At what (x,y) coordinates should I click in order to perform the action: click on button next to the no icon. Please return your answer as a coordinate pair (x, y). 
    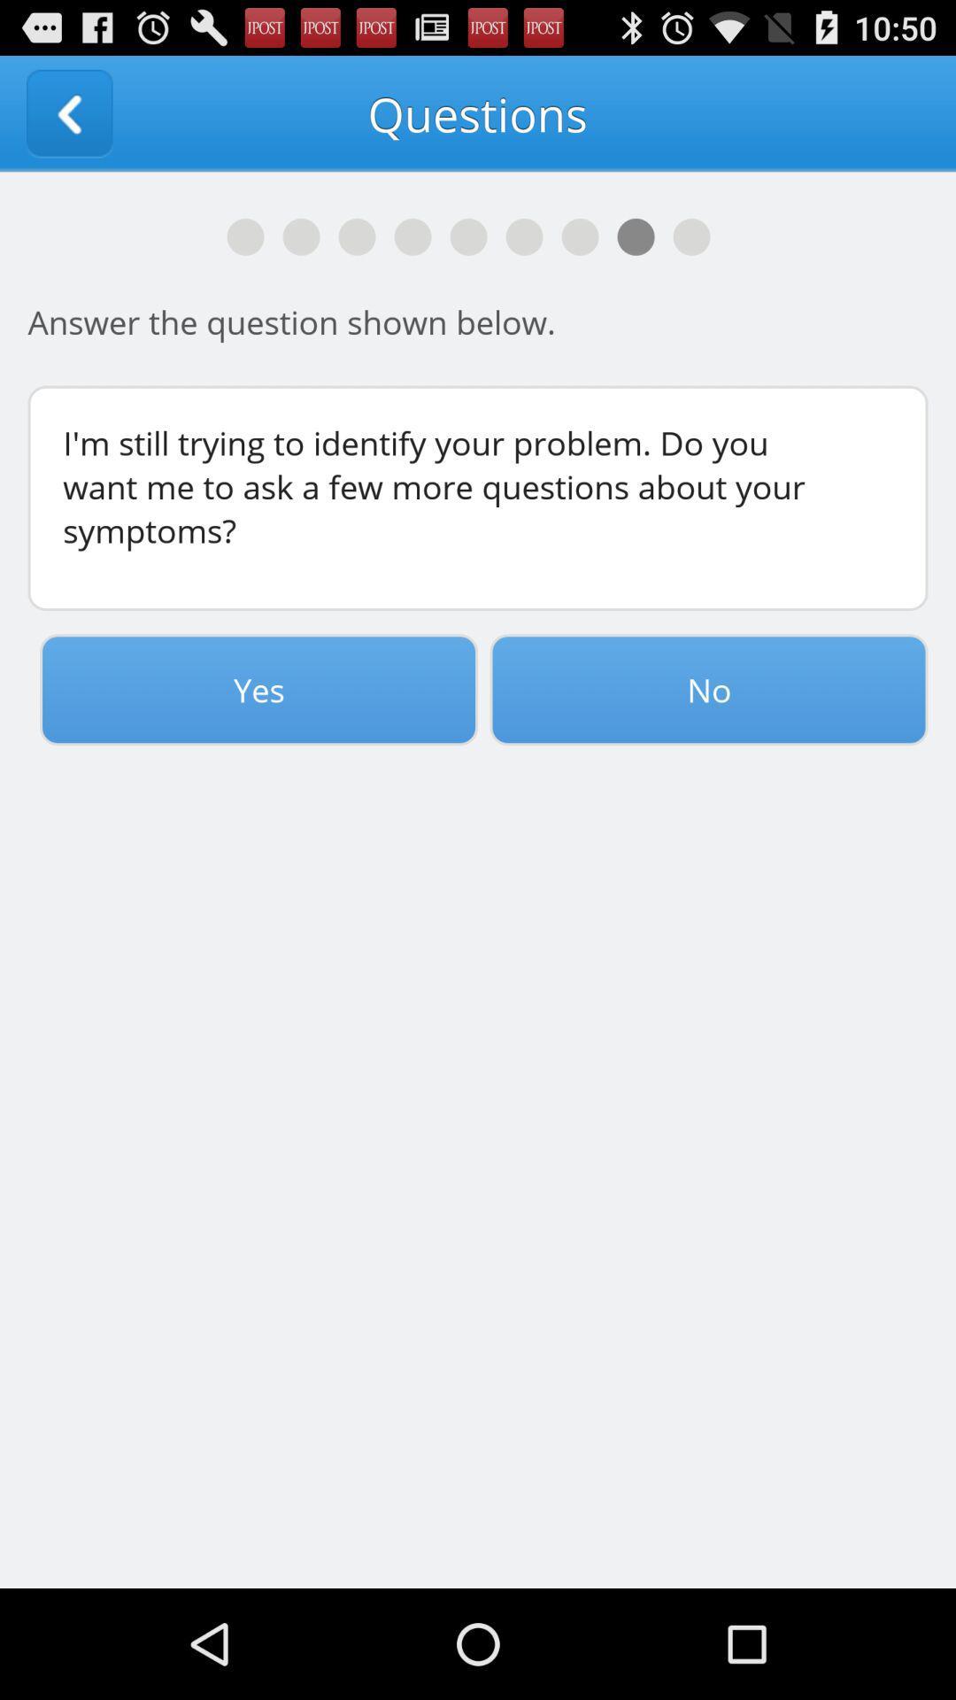
    Looking at the image, I should click on (258, 689).